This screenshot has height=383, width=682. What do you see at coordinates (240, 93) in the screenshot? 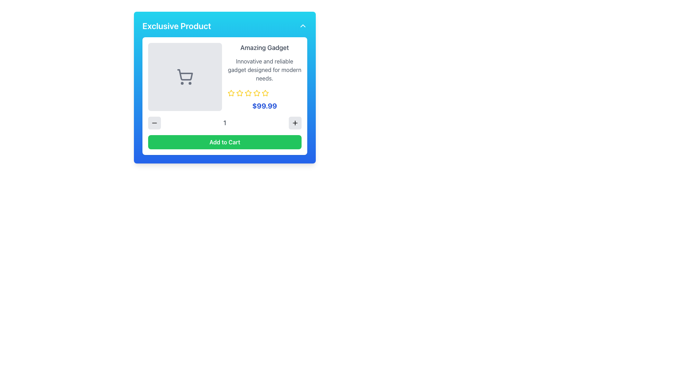
I see `the third star icon in the star rating component to rate it` at bounding box center [240, 93].